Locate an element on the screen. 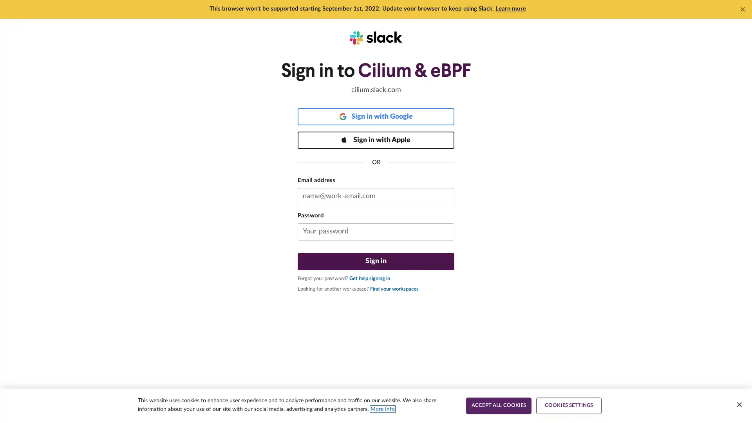  ACCEPT ALL COOKIES is located at coordinates (498, 405).